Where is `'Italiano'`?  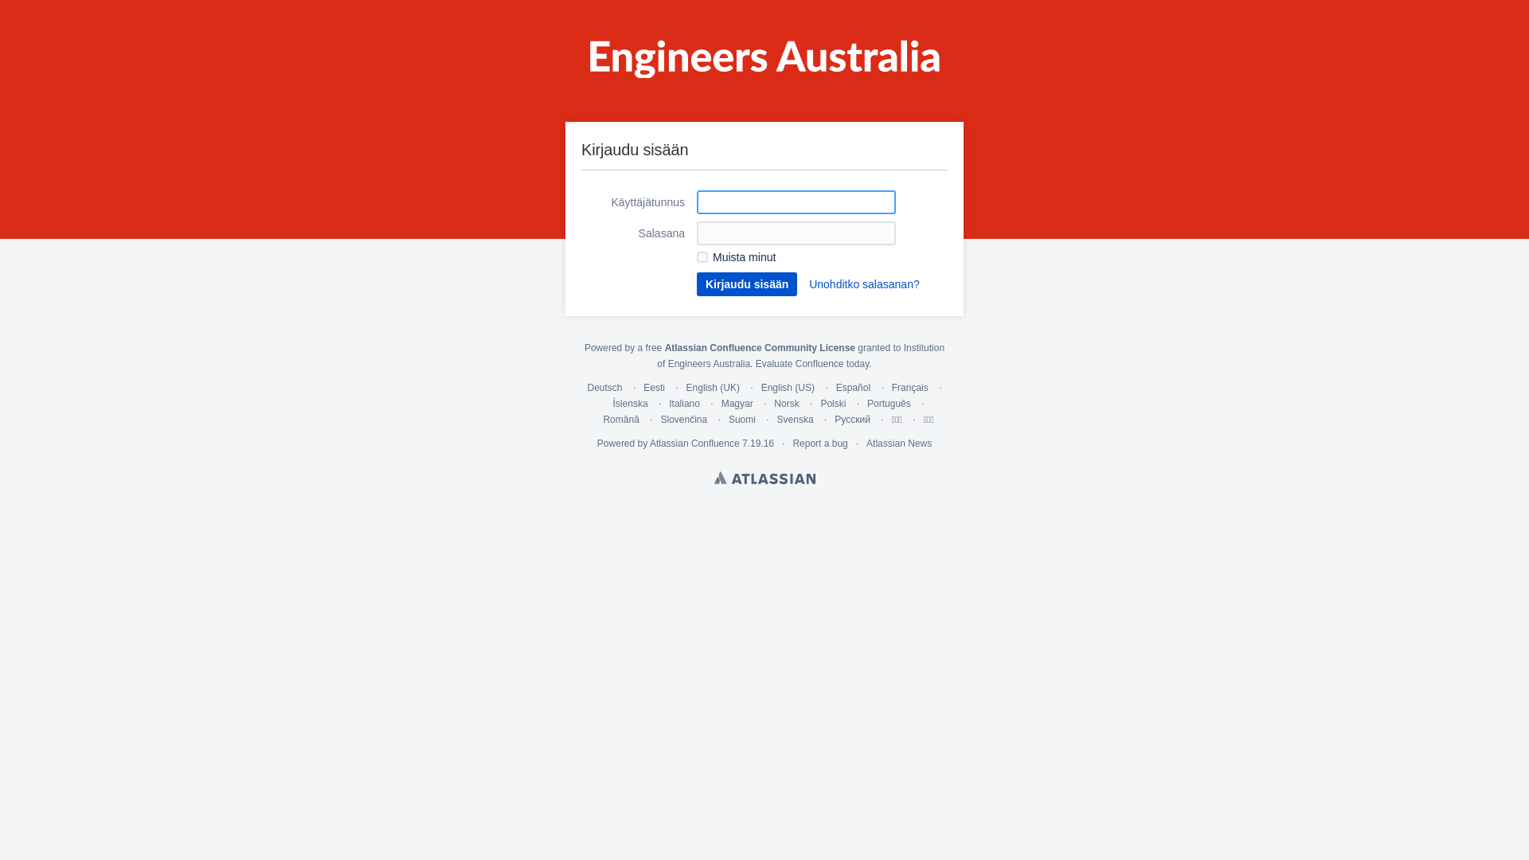 'Italiano' is located at coordinates (684, 402).